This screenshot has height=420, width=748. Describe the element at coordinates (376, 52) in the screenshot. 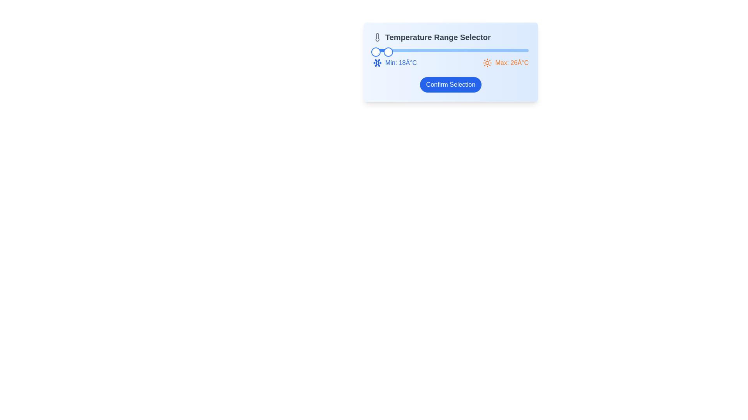

I see `the slider handle located at the far left of the slider's track, adjacent` at that location.